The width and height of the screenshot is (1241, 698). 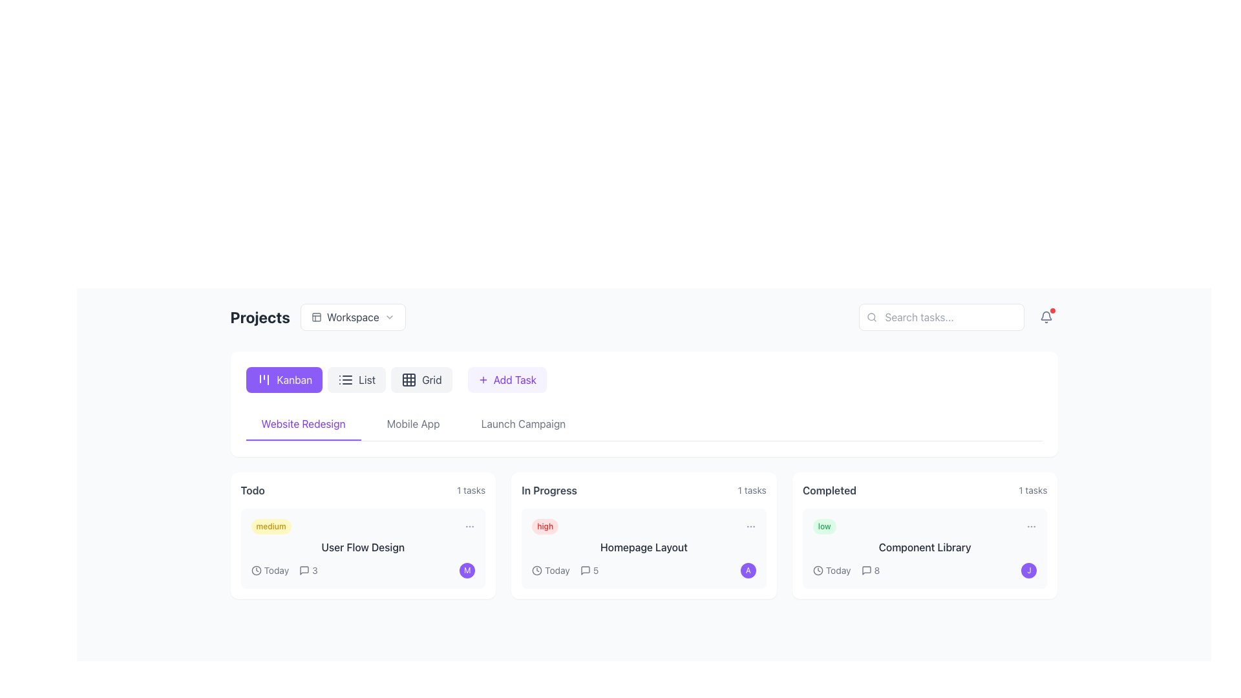 What do you see at coordinates (838, 570) in the screenshot?
I see `the text label indicating the due date or task's deadline located within the 'Completed' task card under the 'Today' label, positioned to the right of the clock icon` at bounding box center [838, 570].